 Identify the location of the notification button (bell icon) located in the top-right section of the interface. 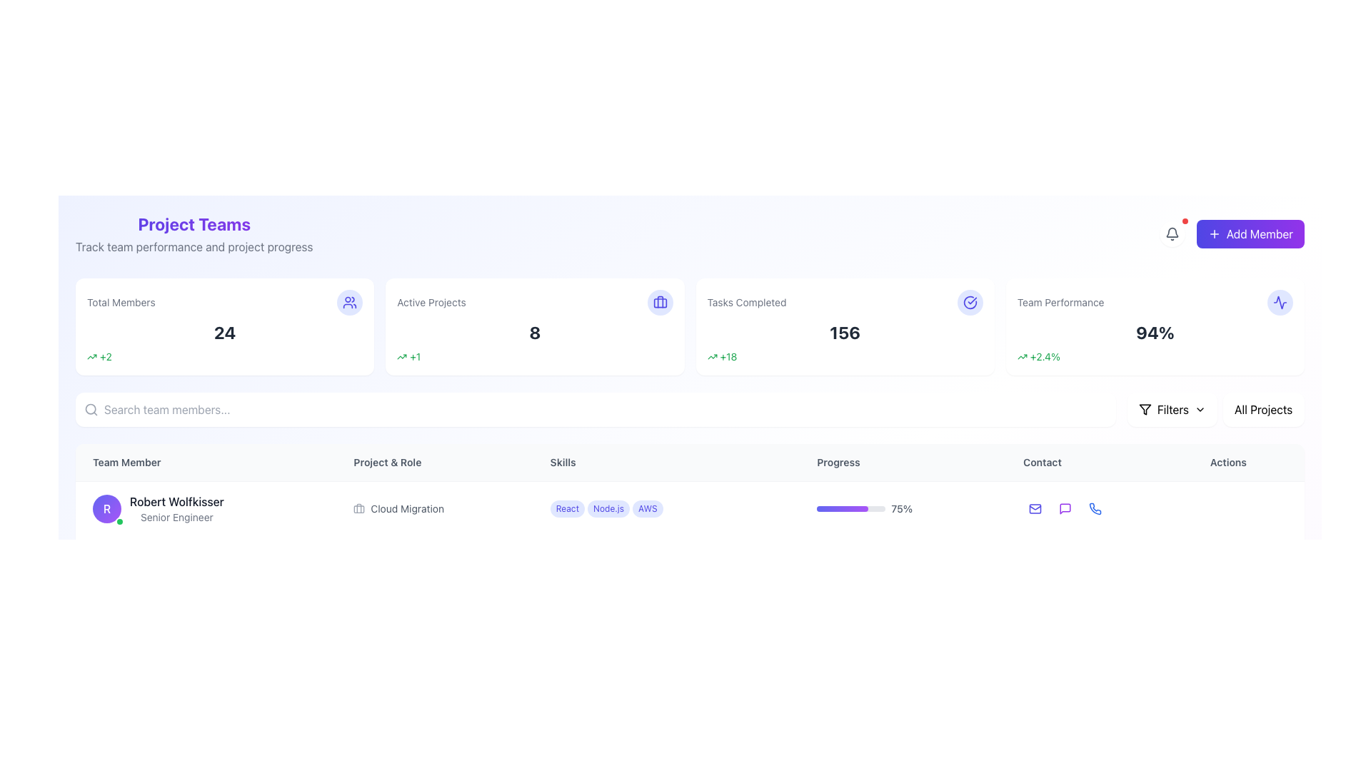
(1172, 233).